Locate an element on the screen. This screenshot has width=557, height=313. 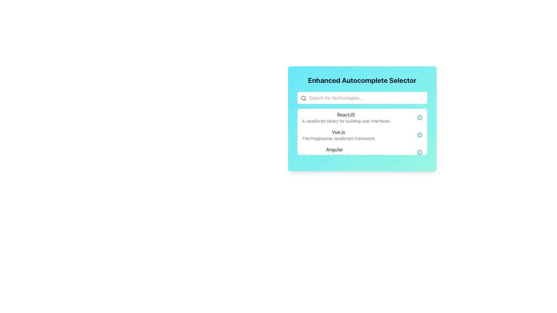
the text label that reads 'One framework. Mobile & desktop.' which is styled in a small, gray font and positioned beneath the 'Angular' title is located at coordinates (334, 155).